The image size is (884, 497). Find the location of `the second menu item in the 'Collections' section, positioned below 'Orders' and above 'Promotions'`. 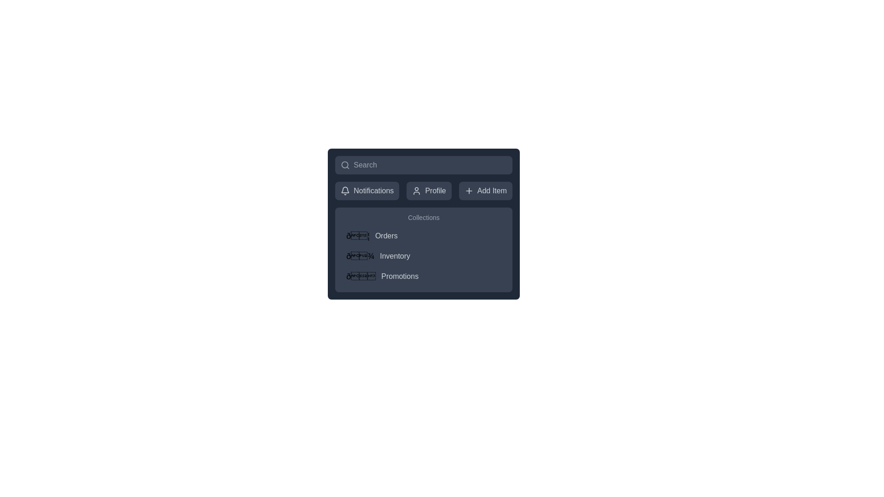

the second menu item in the 'Collections' section, positioned below 'Orders' and above 'Promotions' is located at coordinates (423, 256).